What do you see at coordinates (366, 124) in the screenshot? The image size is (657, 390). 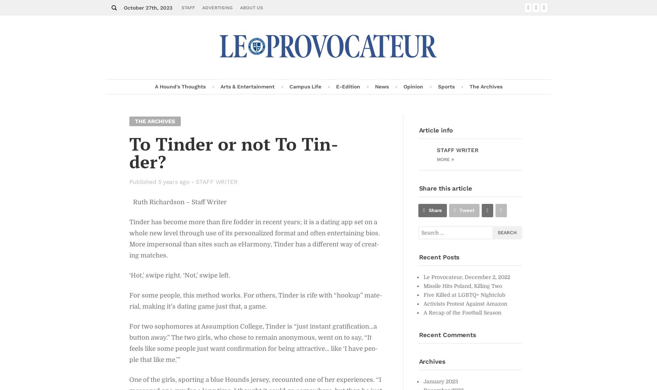 I see `'Fea­ture Story'` at bounding box center [366, 124].